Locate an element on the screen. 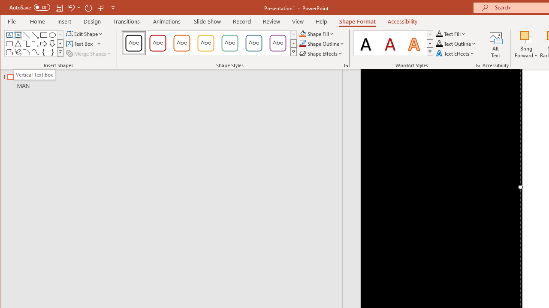 This screenshot has width=549, height=308. 'Colored Outline - Purple, Accent 6' is located at coordinates (278, 43).